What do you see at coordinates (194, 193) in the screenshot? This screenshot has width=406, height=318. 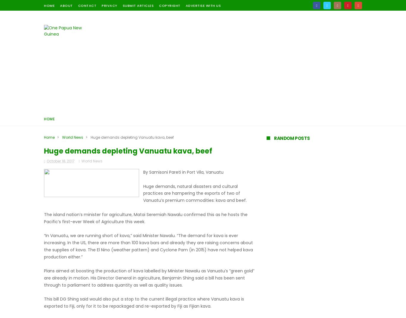 I see `'Huge demands, natural disasters and cultural practices are hampering the exports of two of Vanuatu’s premium commodities: kava and beef.'` at bounding box center [194, 193].